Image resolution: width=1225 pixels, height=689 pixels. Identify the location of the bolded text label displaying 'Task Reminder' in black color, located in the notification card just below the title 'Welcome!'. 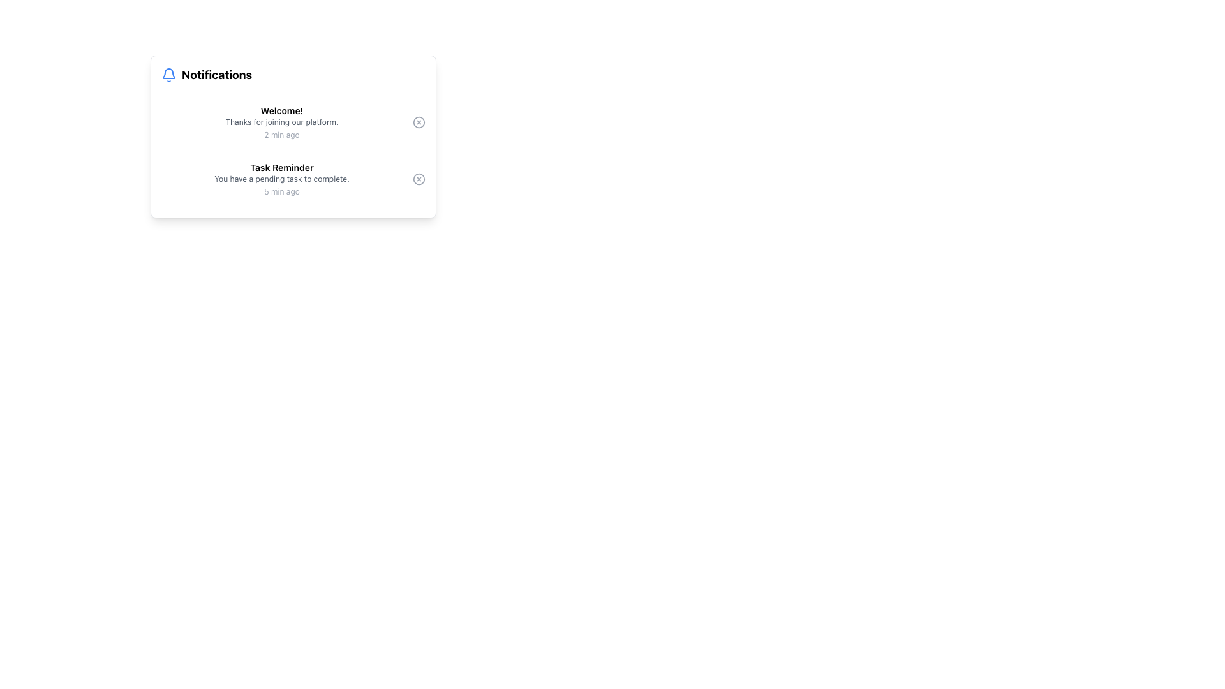
(281, 167).